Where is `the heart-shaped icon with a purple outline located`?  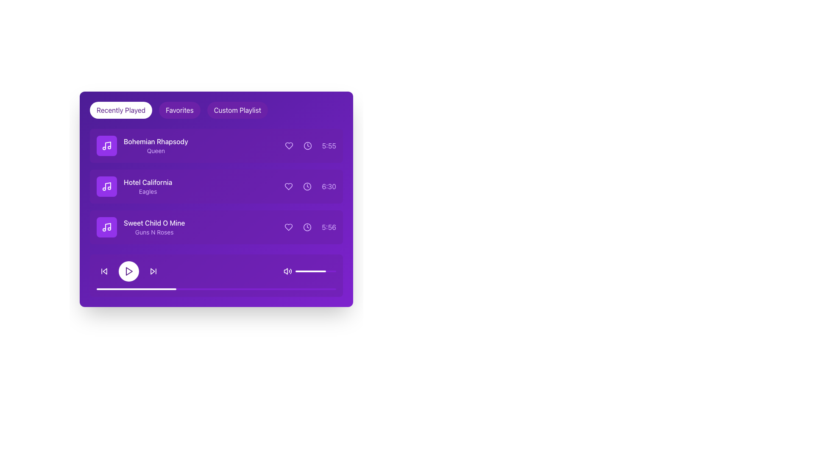
the heart-shaped icon with a purple outline located is located at coordinates (289, 186).